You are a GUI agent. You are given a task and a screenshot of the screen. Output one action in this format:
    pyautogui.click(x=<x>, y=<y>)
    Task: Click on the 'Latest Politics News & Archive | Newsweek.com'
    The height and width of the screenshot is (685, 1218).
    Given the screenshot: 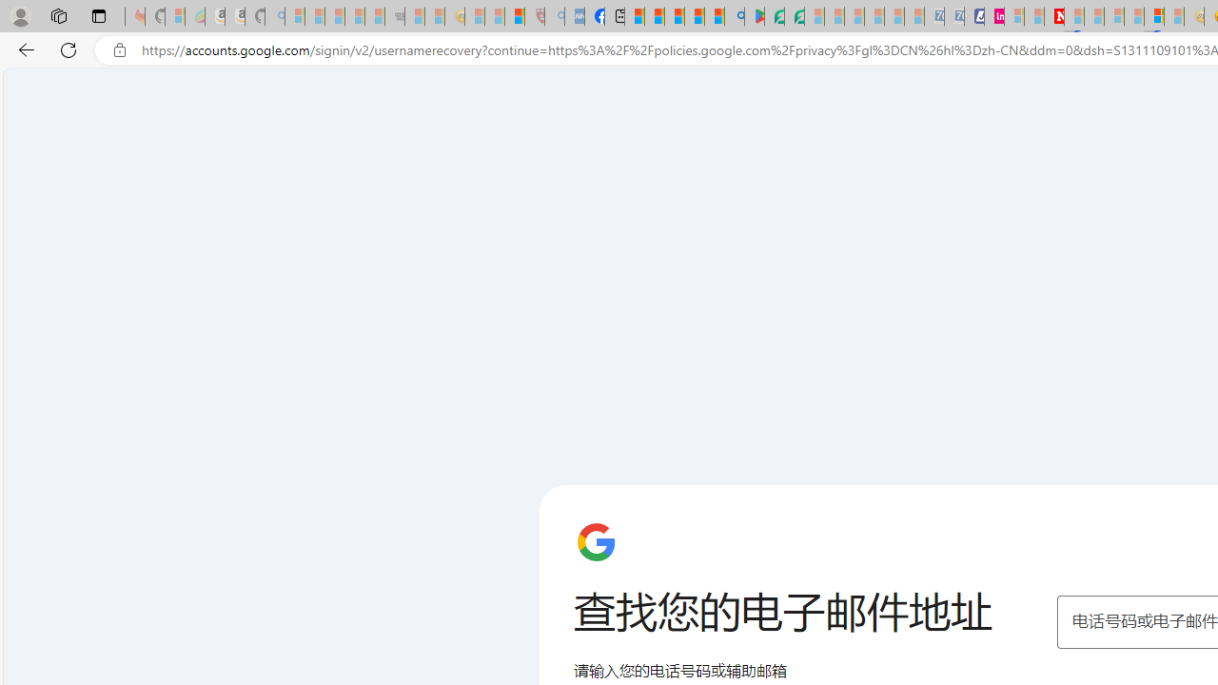 What is the action you would take?
    pyautogui.click(x=1052, y=16)
    